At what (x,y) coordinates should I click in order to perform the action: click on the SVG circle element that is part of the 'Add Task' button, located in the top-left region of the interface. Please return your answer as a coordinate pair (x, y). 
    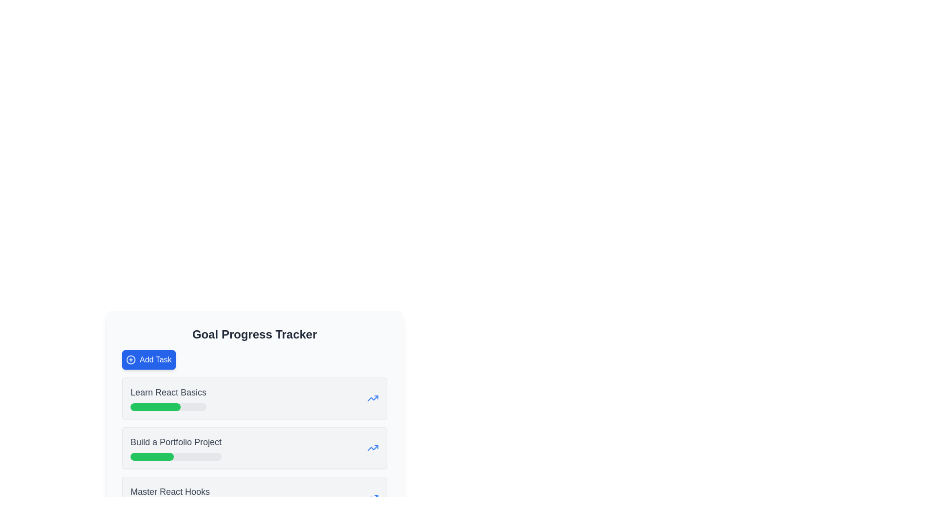
    Looking at the image, I should click on (130, 360).